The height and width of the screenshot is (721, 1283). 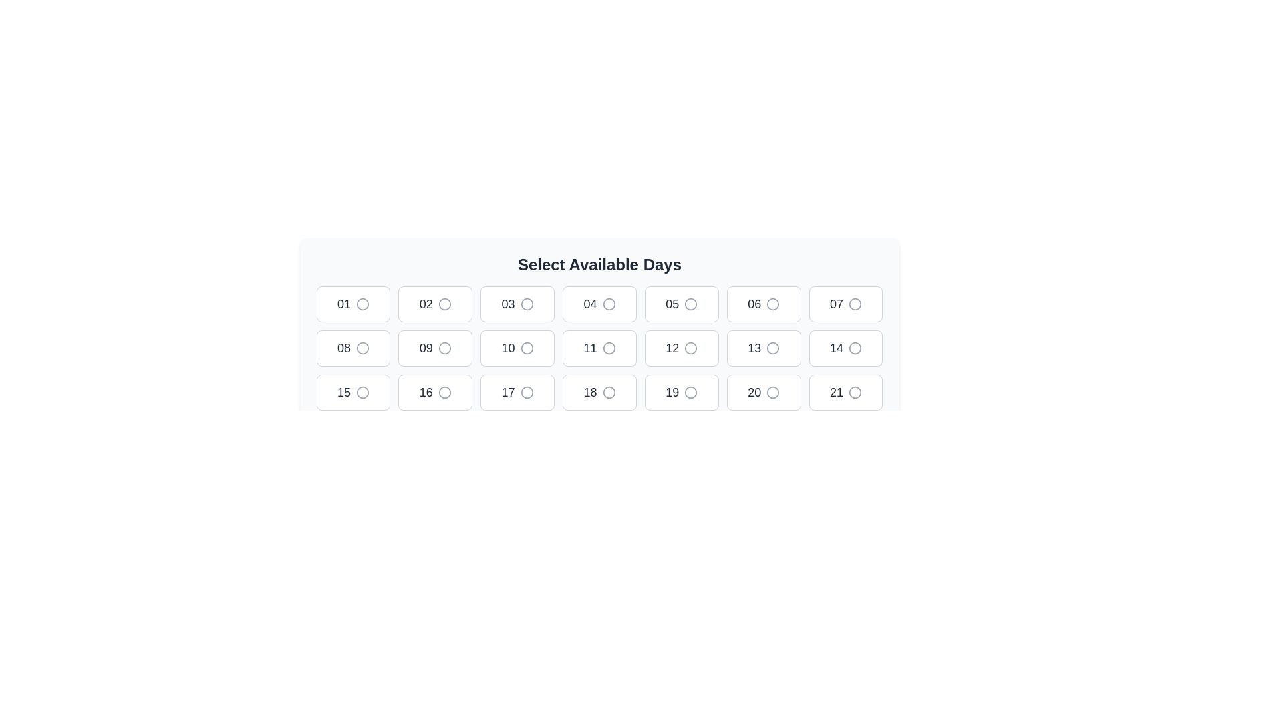 I want to click on the text label displaying '03', which is styled in bold and located in the third grid cell of the first row under the 'Select Available Days' heading, so click(x=507, y=304).